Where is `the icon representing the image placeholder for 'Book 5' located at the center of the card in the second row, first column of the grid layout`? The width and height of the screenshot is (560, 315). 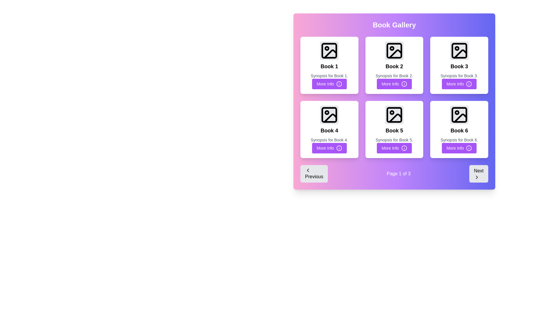 the icon representing the image placeholder for 'Book 5' located at the center of the card in the second row, first column of the grid layout is located at coordinates (394, 115).